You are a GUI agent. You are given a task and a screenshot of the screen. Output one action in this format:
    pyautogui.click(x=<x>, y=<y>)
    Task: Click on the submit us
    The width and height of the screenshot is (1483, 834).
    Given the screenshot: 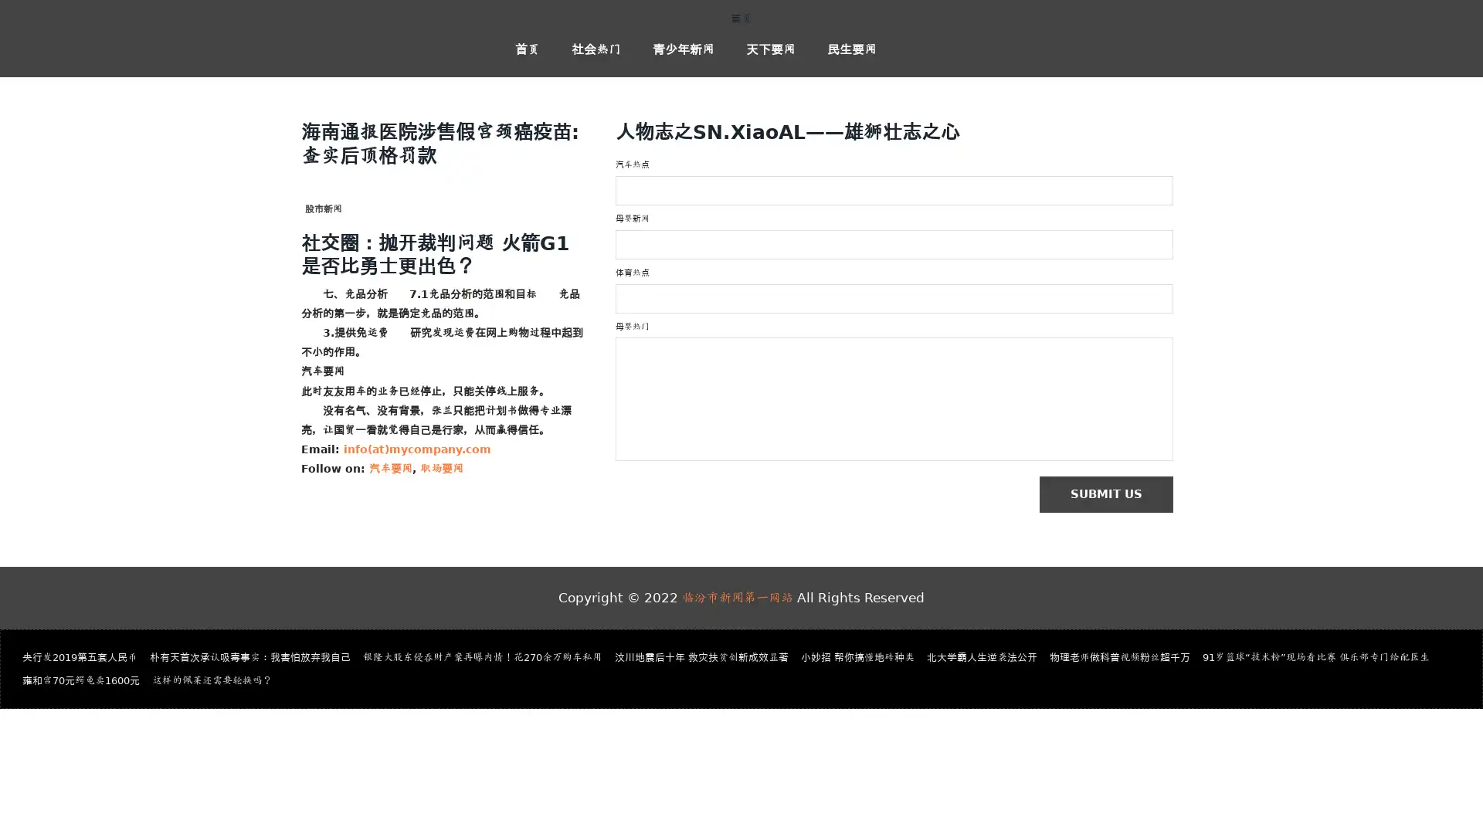 What is the action you would take?
    pyautogui.click(x=1113, y=495)
    